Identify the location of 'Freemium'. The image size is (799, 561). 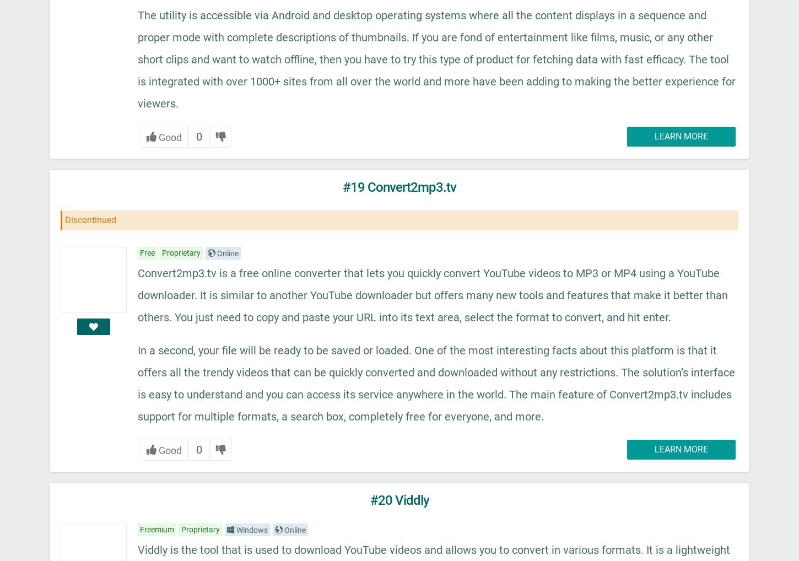
(140, 528).